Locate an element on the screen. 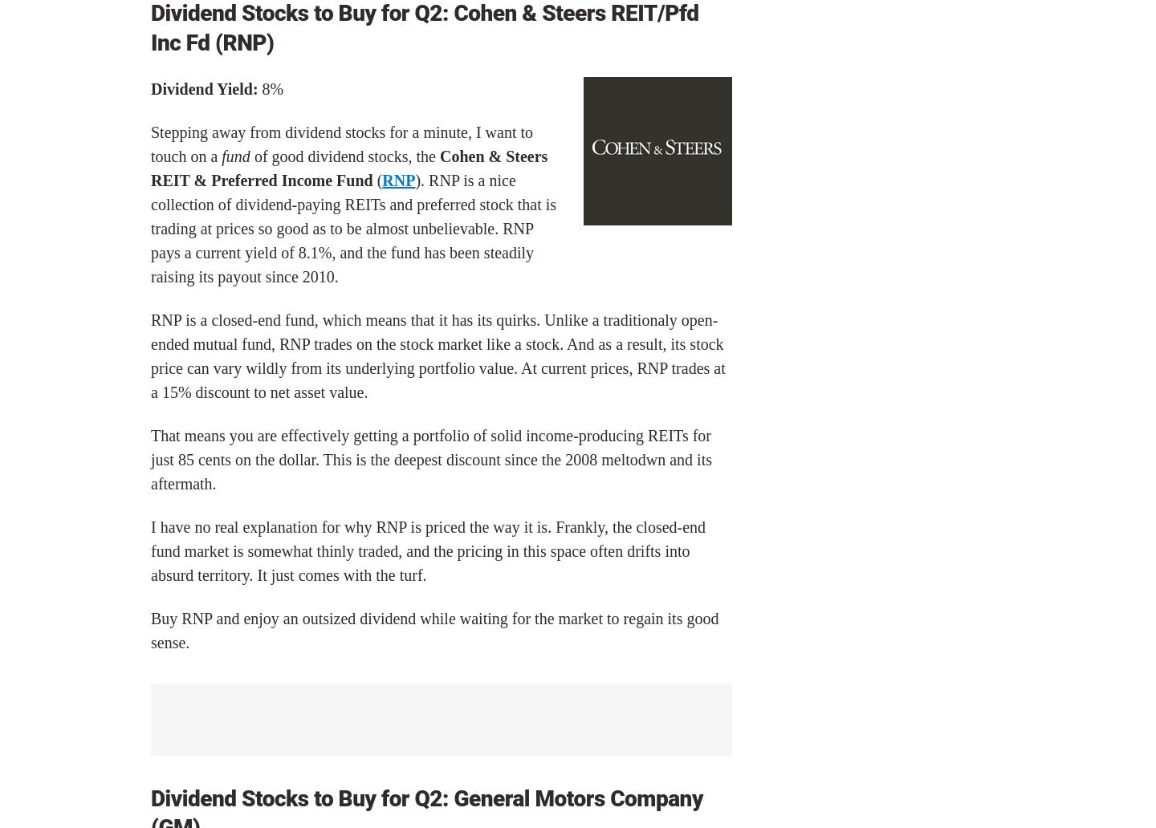 Image resolution: width=1156 pixels, height=828 pixels. '). RNP is a nice collection of dividend-paying REITs and preferred stock that is trading at prices so good as to be almost unbelievable. RNP pays a current yield of 8.1%, and the fund has been steadily raising its payout since 2010.' is located at coordinates (151, 229).